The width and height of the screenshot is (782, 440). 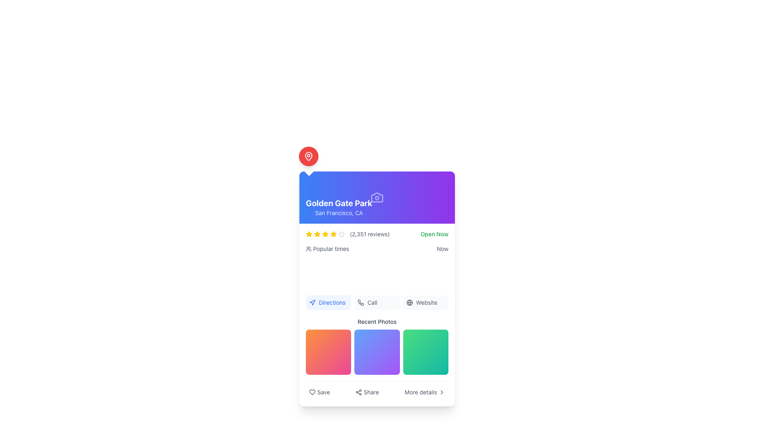 What do you see at coordinates (425, 303) in the screenshot?
I see `the third button located beneath the header section that provides access to the website related to the entity displayed in the interface` at bounding box center [425, 303].